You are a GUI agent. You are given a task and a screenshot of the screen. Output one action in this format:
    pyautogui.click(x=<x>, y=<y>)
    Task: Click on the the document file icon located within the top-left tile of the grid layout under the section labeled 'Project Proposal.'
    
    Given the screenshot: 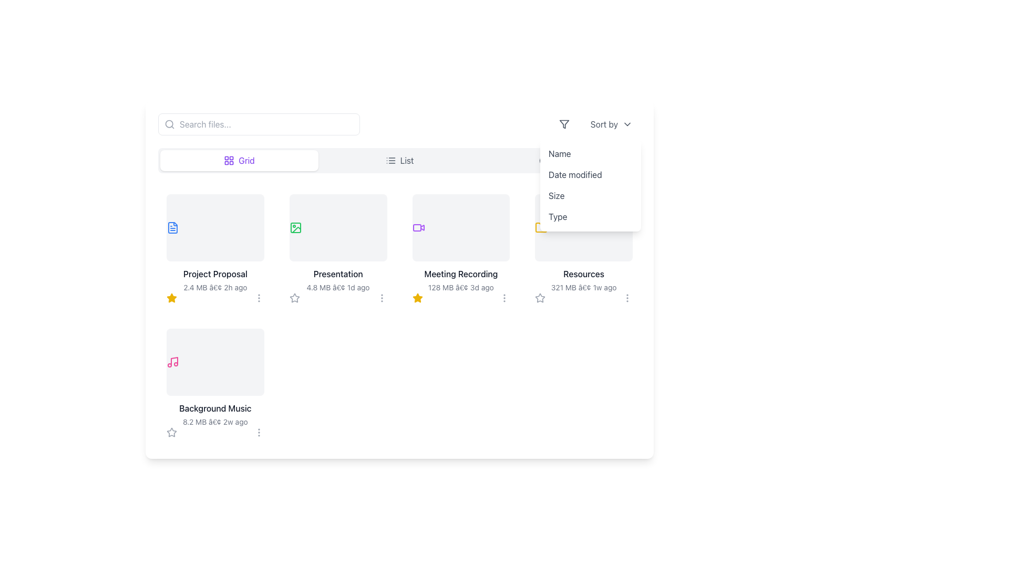 What is the action you would take?
    pyautogui.click(x=173, y=227)
    